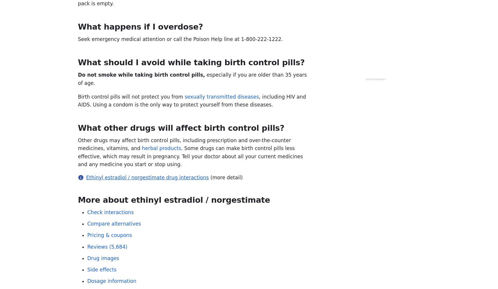 Image resolution: width=498 pixels, height=289 pixels. What do you see at coordinates (87, 212) in the screenshot?
I see `'Check interactions'` at bounding box center [87, 212].